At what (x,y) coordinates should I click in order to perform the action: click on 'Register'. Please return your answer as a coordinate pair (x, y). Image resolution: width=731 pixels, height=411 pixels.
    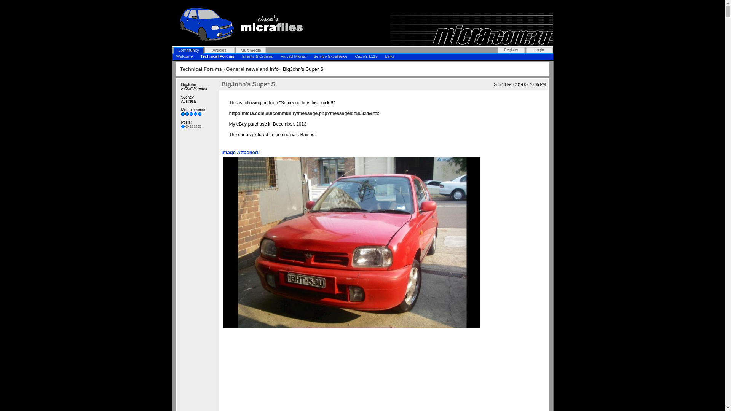
    Looking at the image, I should click on (498, 50).